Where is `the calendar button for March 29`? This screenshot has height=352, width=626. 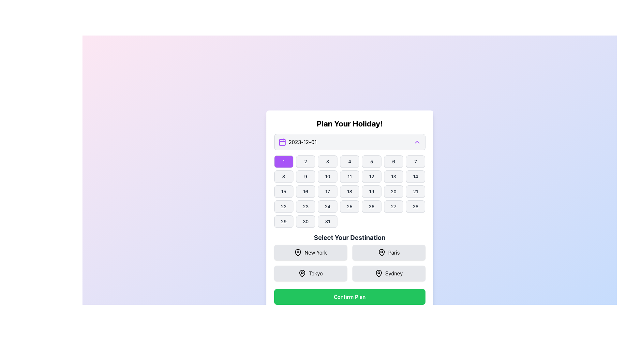
the calendar button for March 29 is located at coordinates (284, 221).